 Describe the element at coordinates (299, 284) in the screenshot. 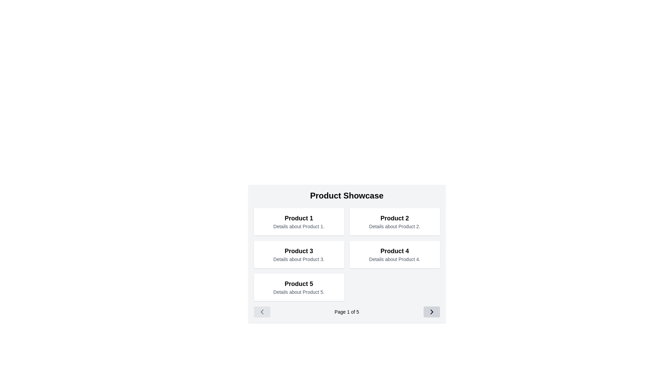

I see `the bold text label 'Product 5' which is styled as a title or heading, located at the top of the rectangular box containing product information` at that location.